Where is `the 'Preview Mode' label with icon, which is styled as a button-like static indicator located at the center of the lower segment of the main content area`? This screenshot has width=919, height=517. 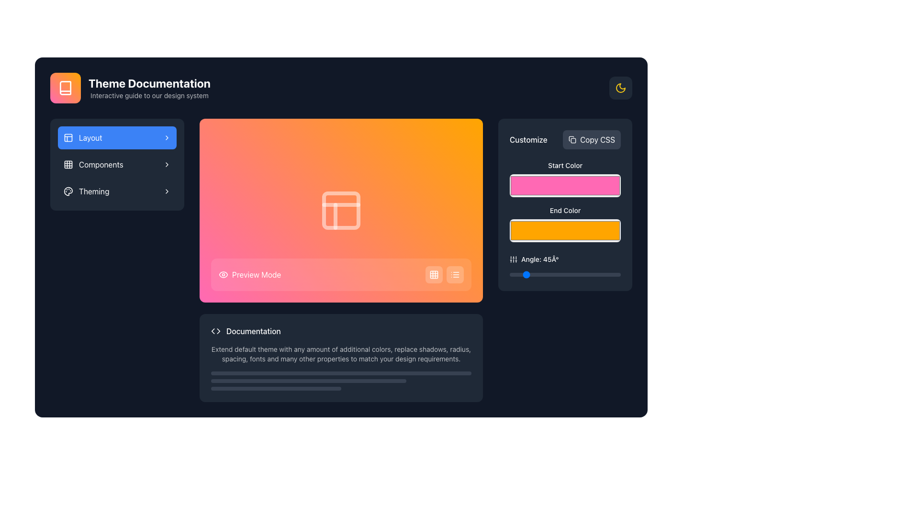
the 'Preview Mode' label with icon, which is styled as a button-like static indicator located at the center of the lower segment of the main content area is located at coordinates (250, 275).